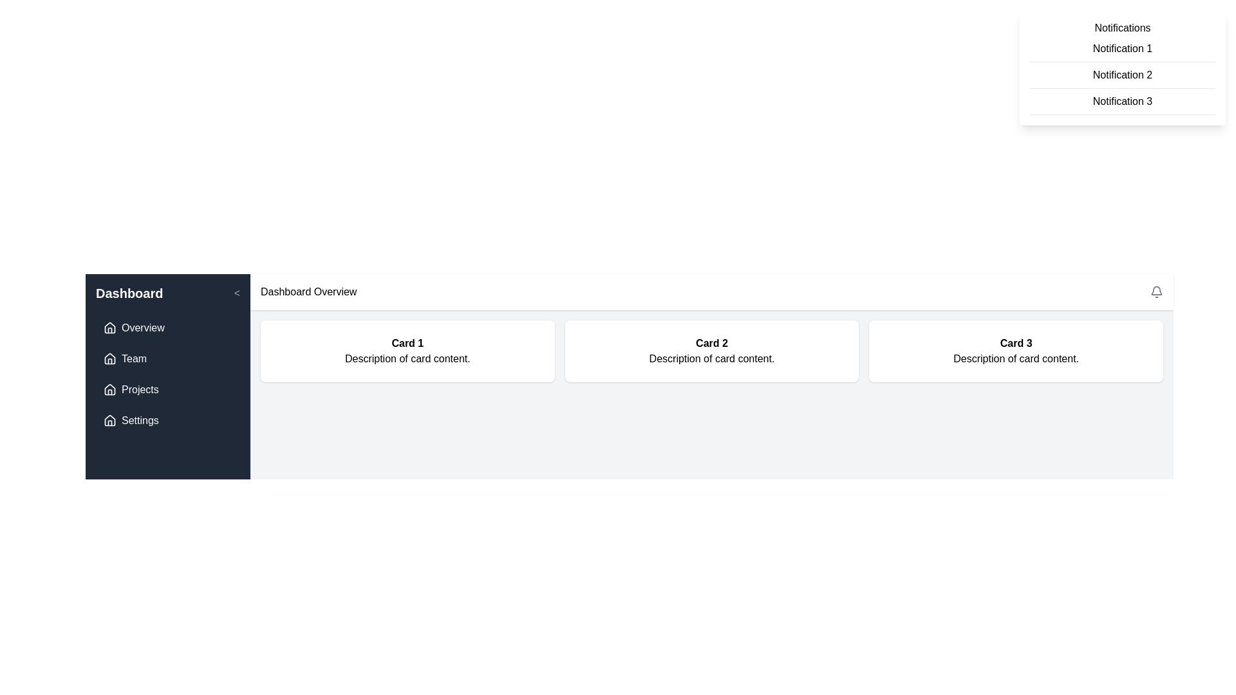 This screenshot has width=1236, height=695. I want to click on the text label 'Team' located in the dark background sidebar, so click(134, 359).